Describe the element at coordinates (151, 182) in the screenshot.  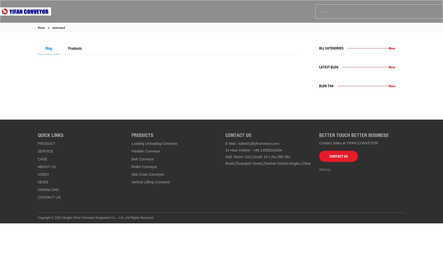
I see `'Vertical Lifting Conveyor'` at that location.